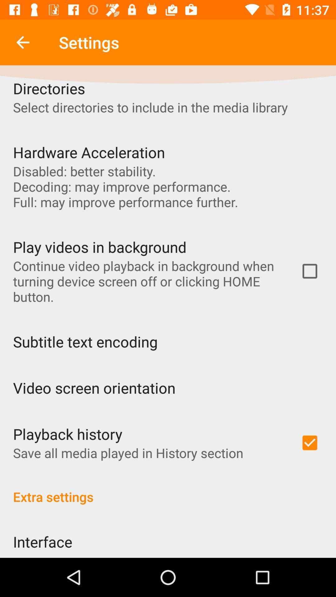  I want to click on the item above directories, so click(22, 42).